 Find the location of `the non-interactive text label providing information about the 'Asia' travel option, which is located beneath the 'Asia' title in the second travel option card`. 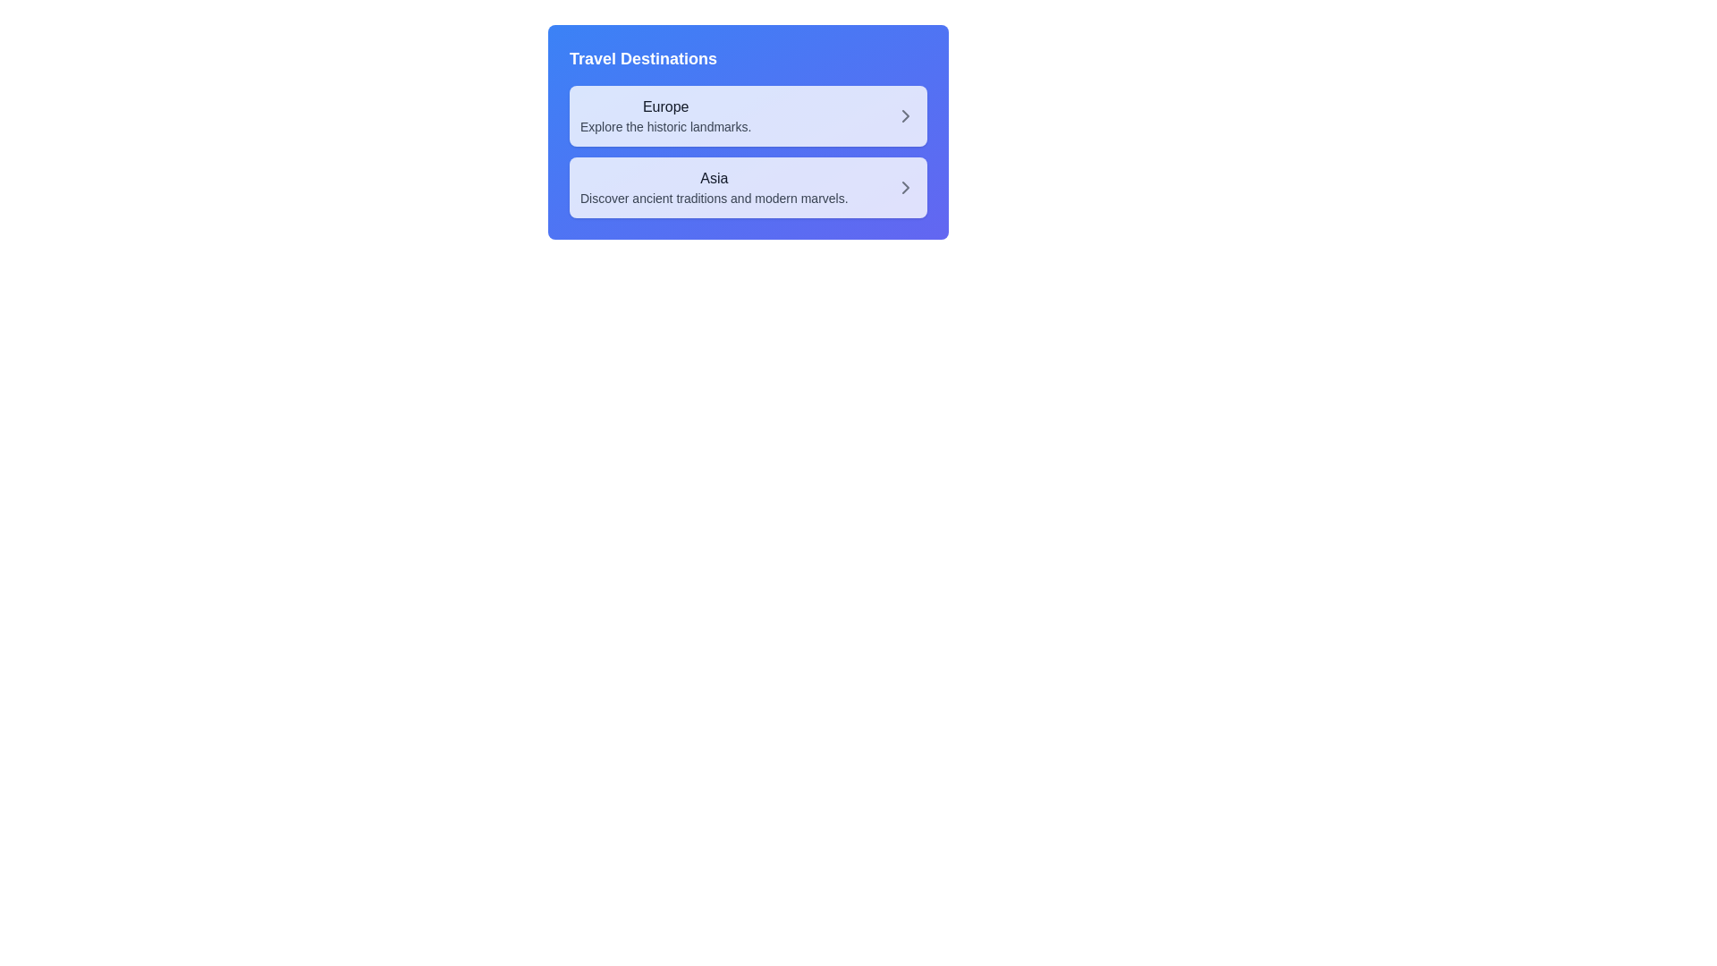

the non-interactive text label providing information about the 'Asia' travel option, which is located beneath the 'Asia' title in the second travel option card is located at coordinates (713, 199).